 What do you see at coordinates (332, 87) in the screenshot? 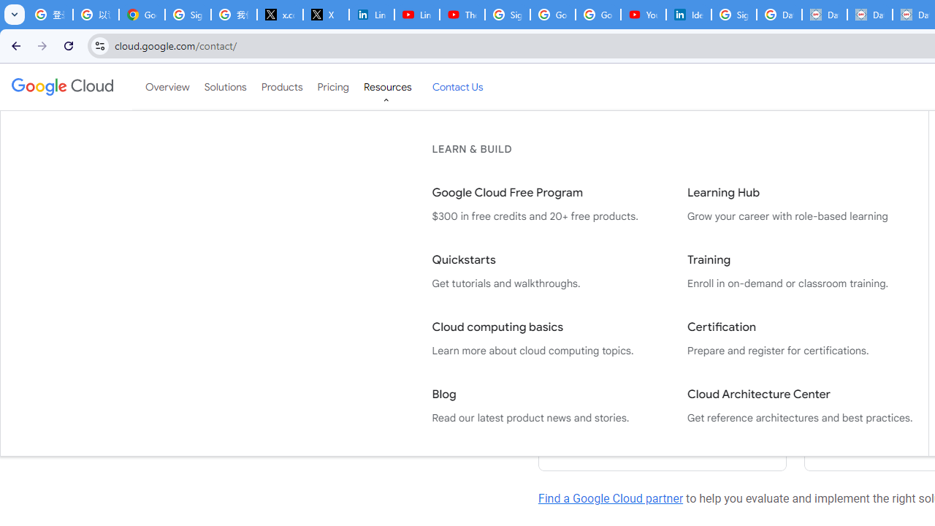
I see `'Pricing'` at bounding box center [332, 87].